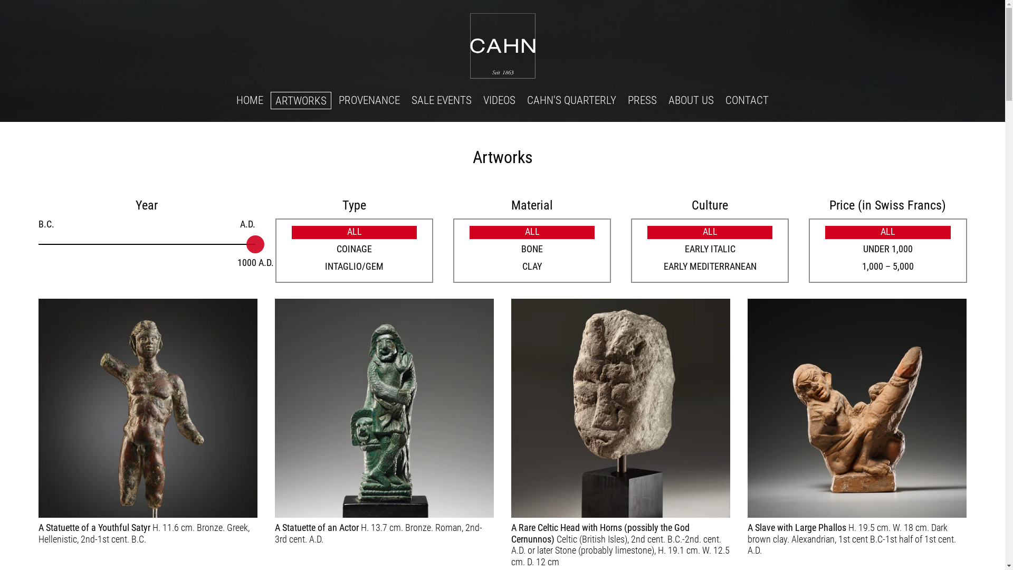 The image size is (1013, 570). What do you see at coordinates (571, 100) in the screenshot?
I see `'CAHN'S QUARTERLY'` at bounding box center [571, 100].